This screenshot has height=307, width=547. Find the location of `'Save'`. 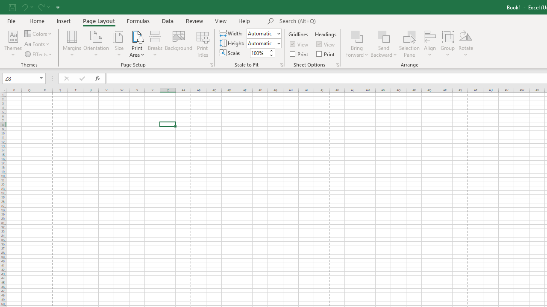

'Save' is located at coordinates (12, 7).